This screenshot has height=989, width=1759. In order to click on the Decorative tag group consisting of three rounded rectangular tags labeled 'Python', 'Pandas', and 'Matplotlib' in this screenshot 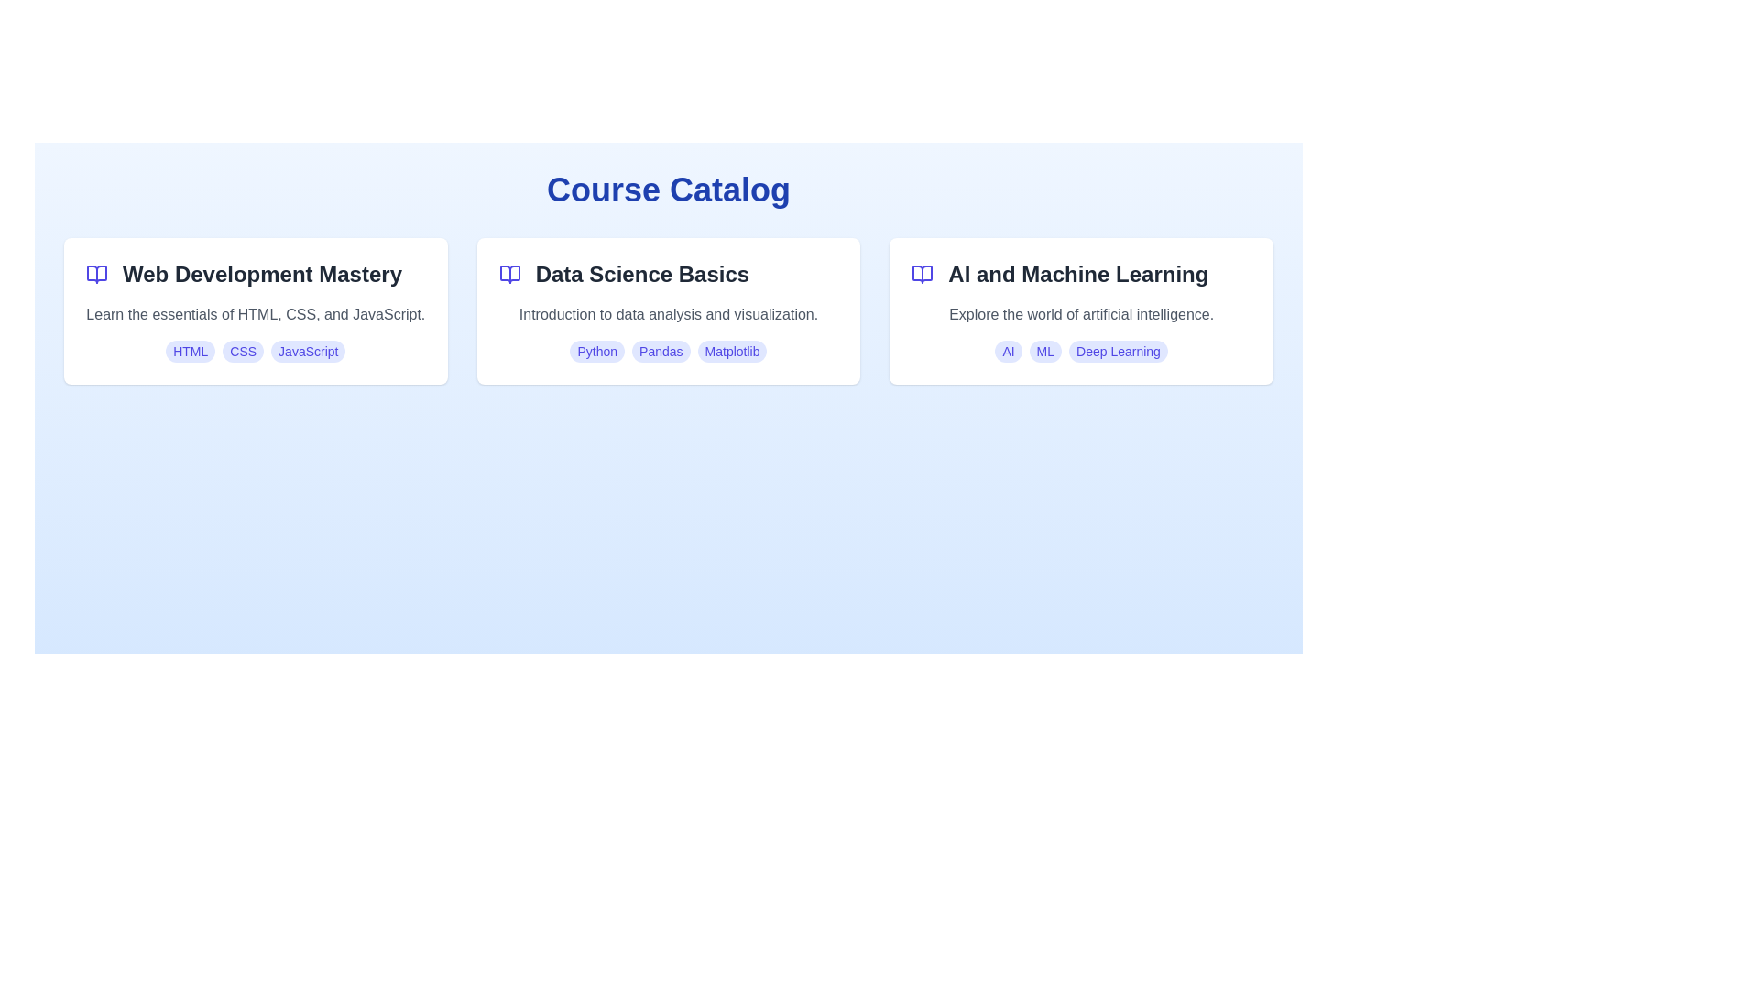, I will do `click(667, 352)`.